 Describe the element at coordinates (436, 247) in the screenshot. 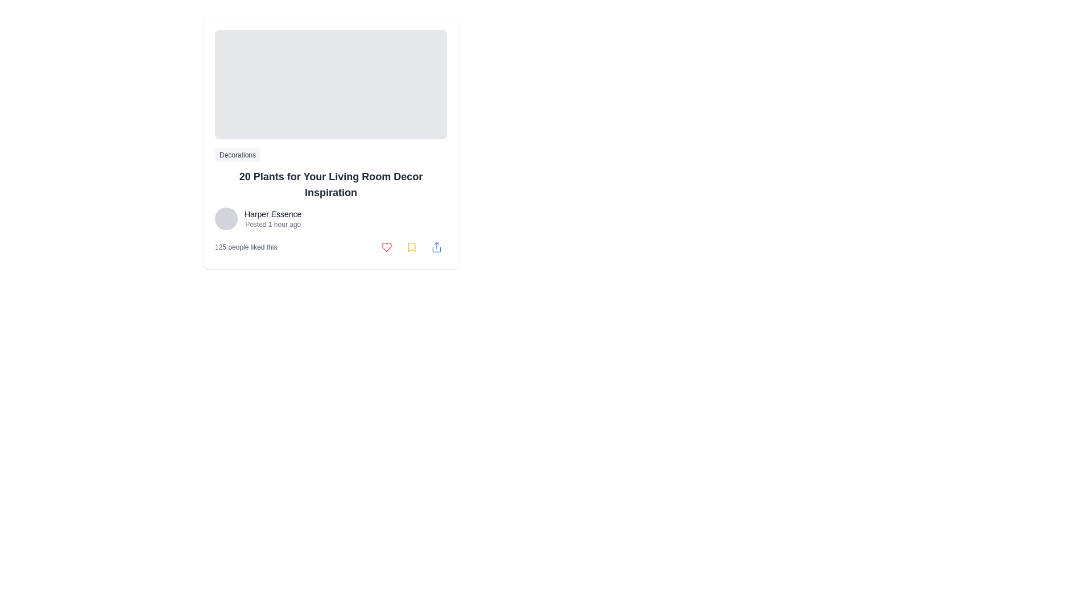

I see `the third and rightmost button in the horizontal arrangement at the bottom-right corner of the card` at that location.